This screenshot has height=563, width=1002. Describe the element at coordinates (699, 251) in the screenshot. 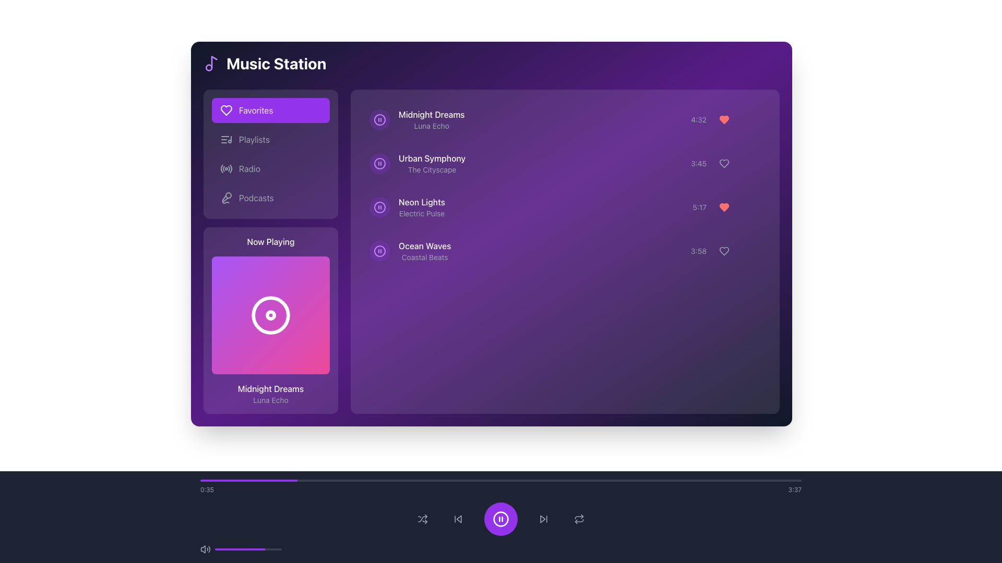

I see `the text label displaying '3:58' in gray font, which is positioned as the last song duration indicator in the playlist interface` at that location.